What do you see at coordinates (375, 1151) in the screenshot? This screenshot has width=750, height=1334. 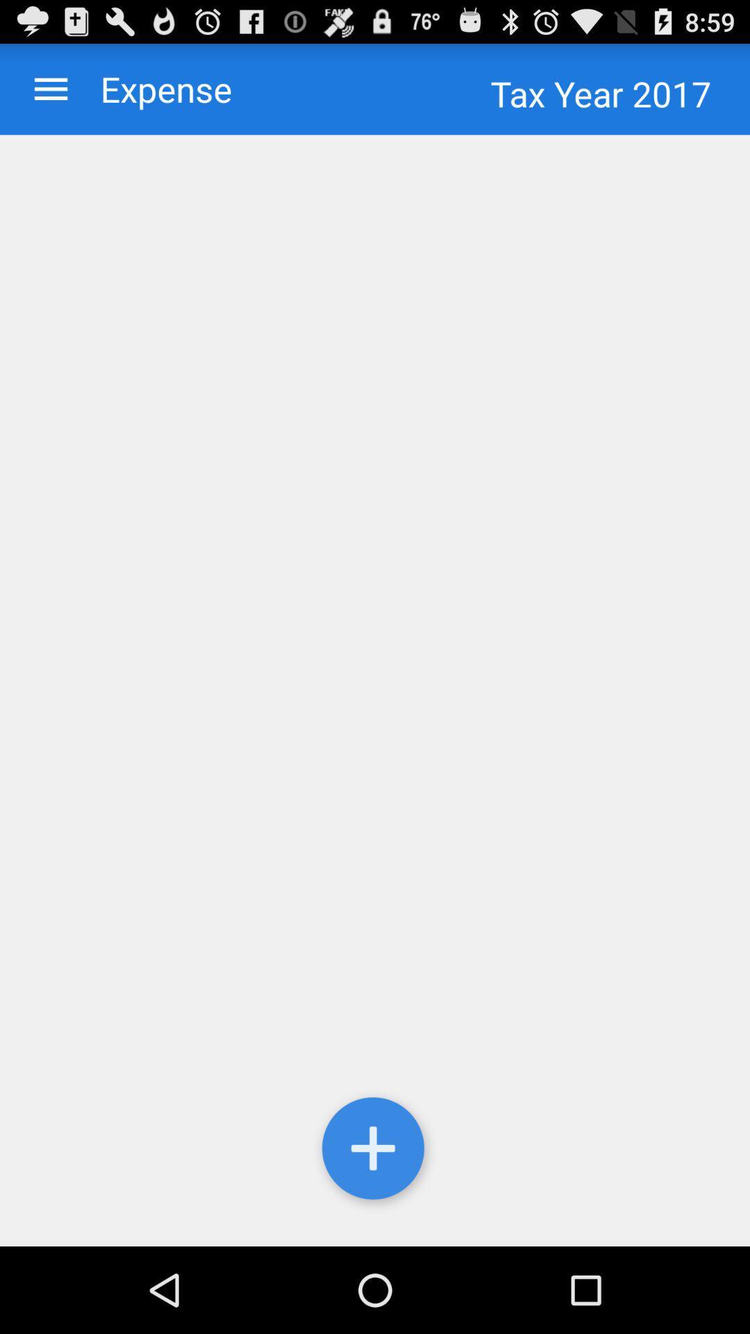 I see `more item` at bounding box center [375, 1151].